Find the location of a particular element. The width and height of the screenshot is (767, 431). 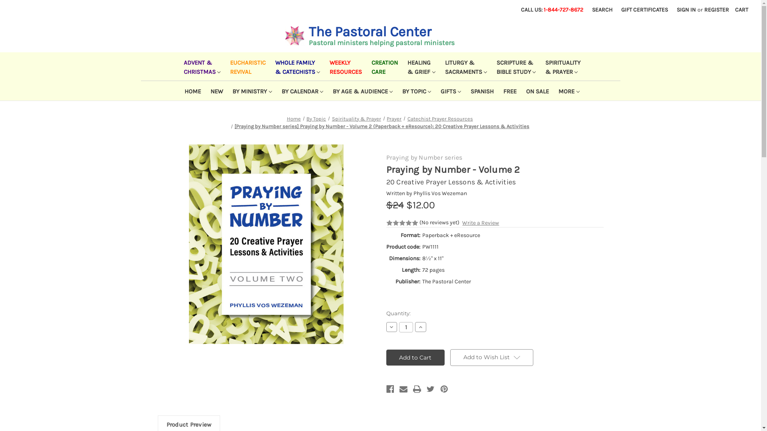

'CART' is located at coordinates (741, 10).